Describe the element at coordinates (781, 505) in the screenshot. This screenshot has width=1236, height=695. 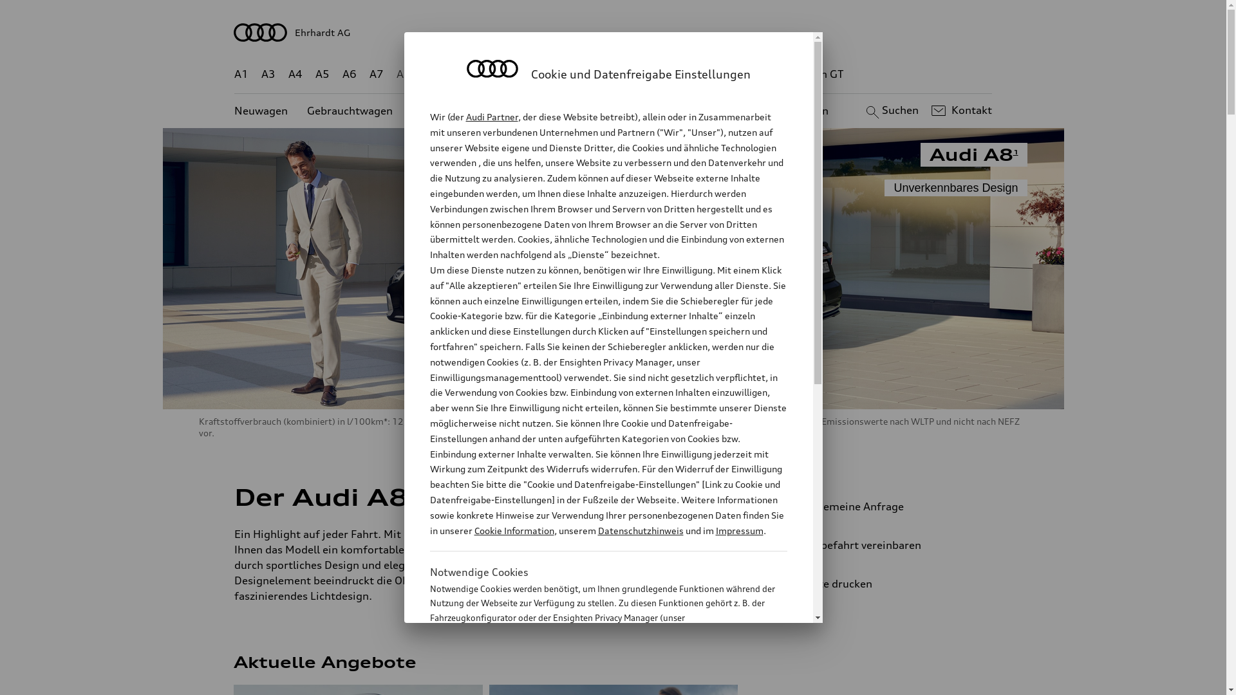
I see `'Allgemeine Anfrage'` at that location.